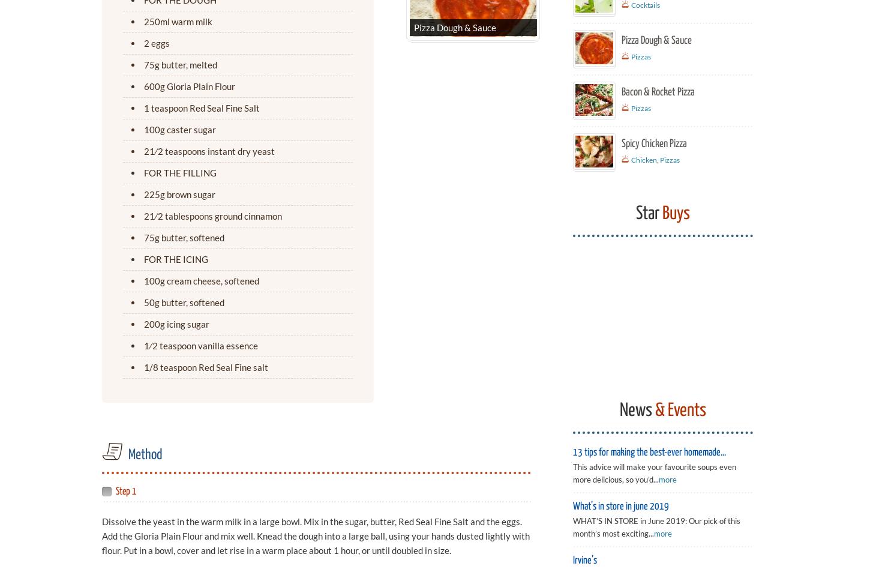 This screenshot has height=569, width=870. What do you see at coordinates (584, 559) in the screenshot?
I see `'Irvine’s'` at bounding box center [584, 559].